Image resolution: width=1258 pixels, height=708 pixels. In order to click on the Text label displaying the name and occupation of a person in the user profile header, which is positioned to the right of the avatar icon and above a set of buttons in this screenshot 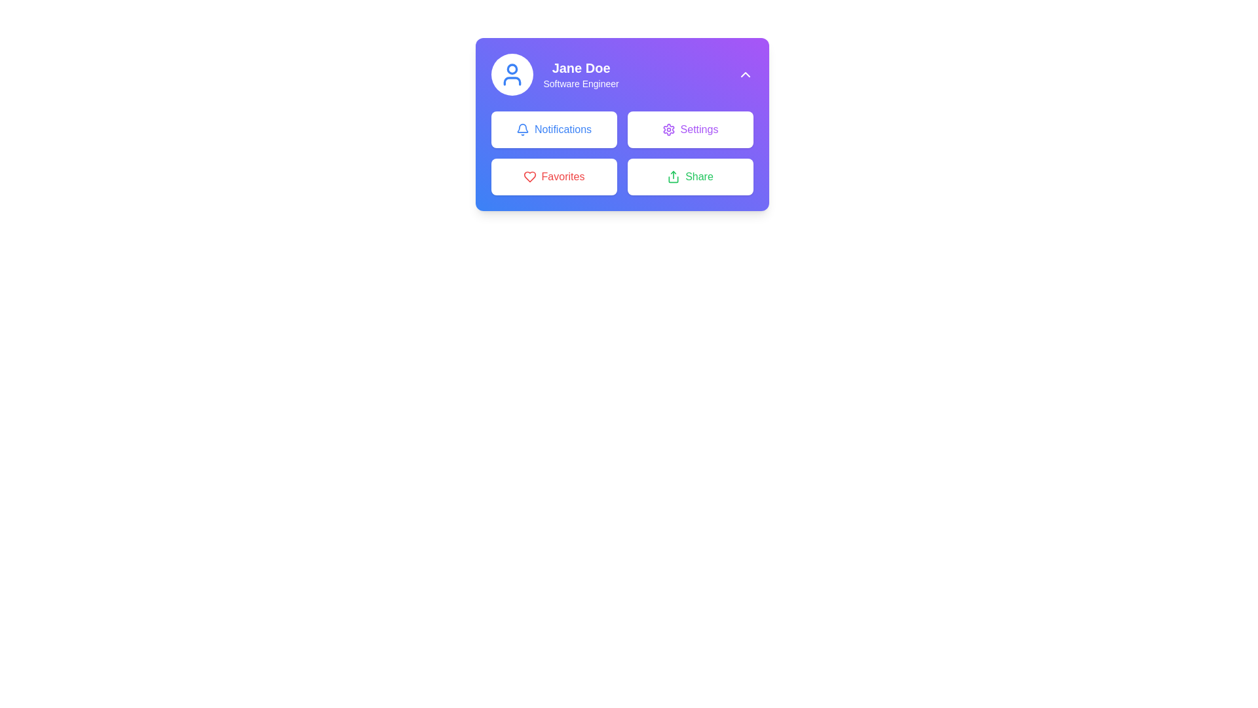, I will do `click(581, 75)`.